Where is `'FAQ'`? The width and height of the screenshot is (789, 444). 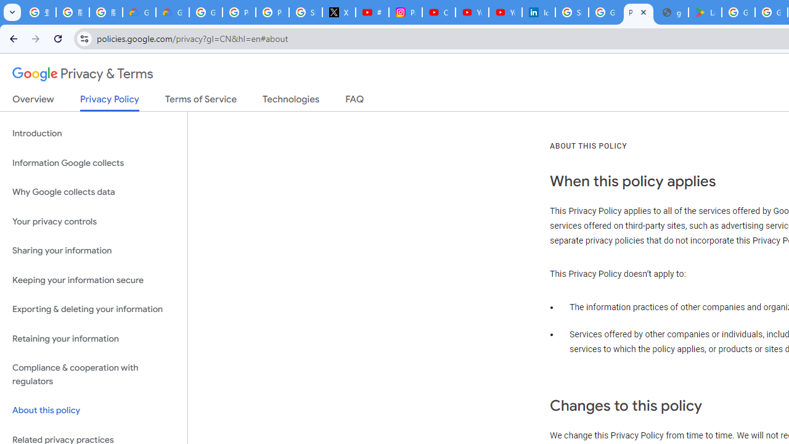 'FAQ' is located at coordinates (354, 101).